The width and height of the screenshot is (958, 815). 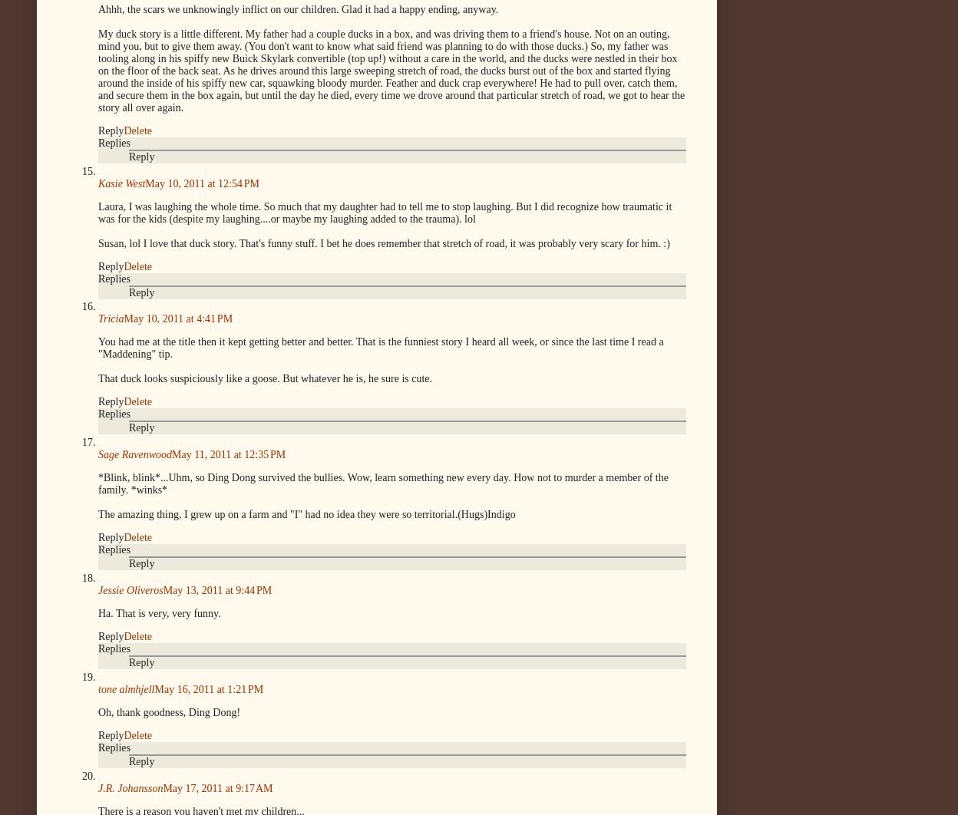 What do you see at coordinates (200, 183) in the screenshot?
I see `'May 10, 2011 at 12:54 PM'` at bounding box center [200, 183].